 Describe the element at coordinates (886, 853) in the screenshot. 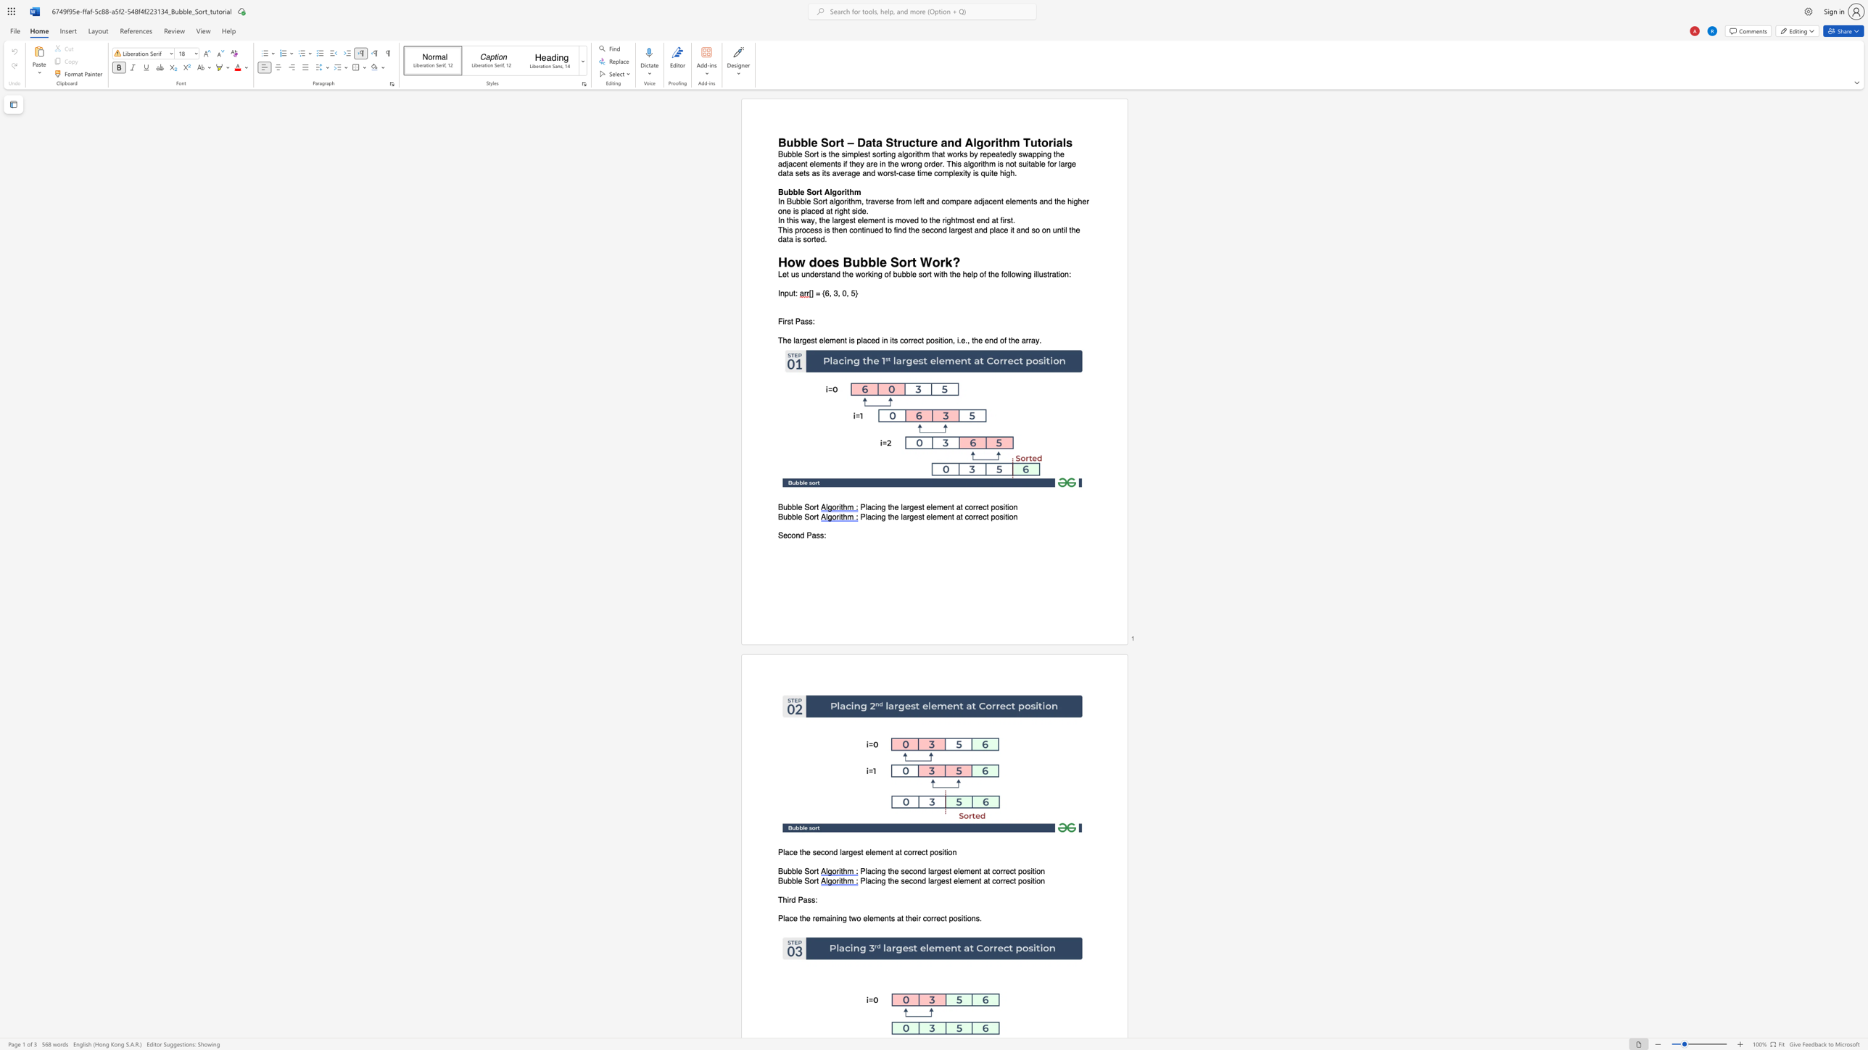

I see `the subset text "nt at corre" within the text "Place the second largest element at correct position"` at that location.